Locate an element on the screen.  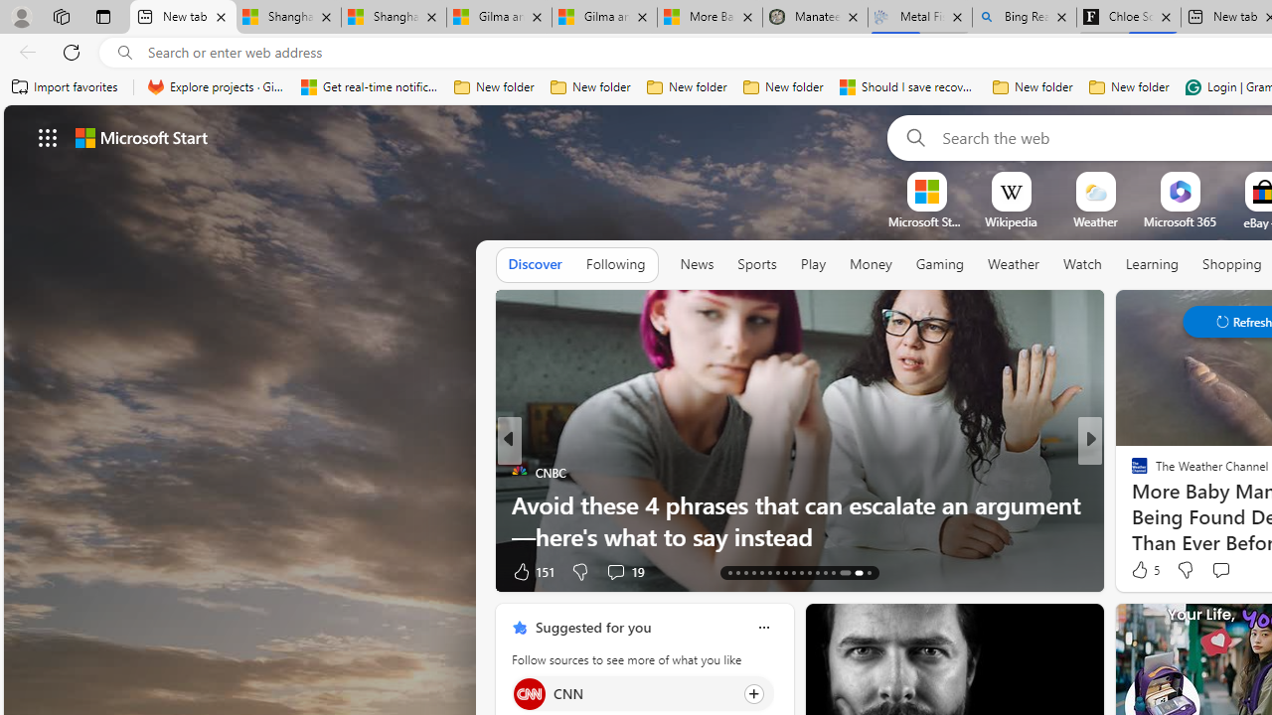
'Weather' is located at coordinates (1014, 263).